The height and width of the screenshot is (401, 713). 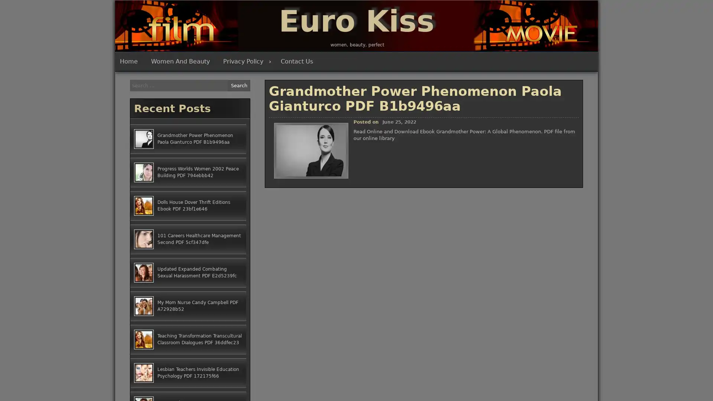 What do you see at coordinates (239, 85) in the screenshot?
I see `Search` at bounding box center [239, 85].